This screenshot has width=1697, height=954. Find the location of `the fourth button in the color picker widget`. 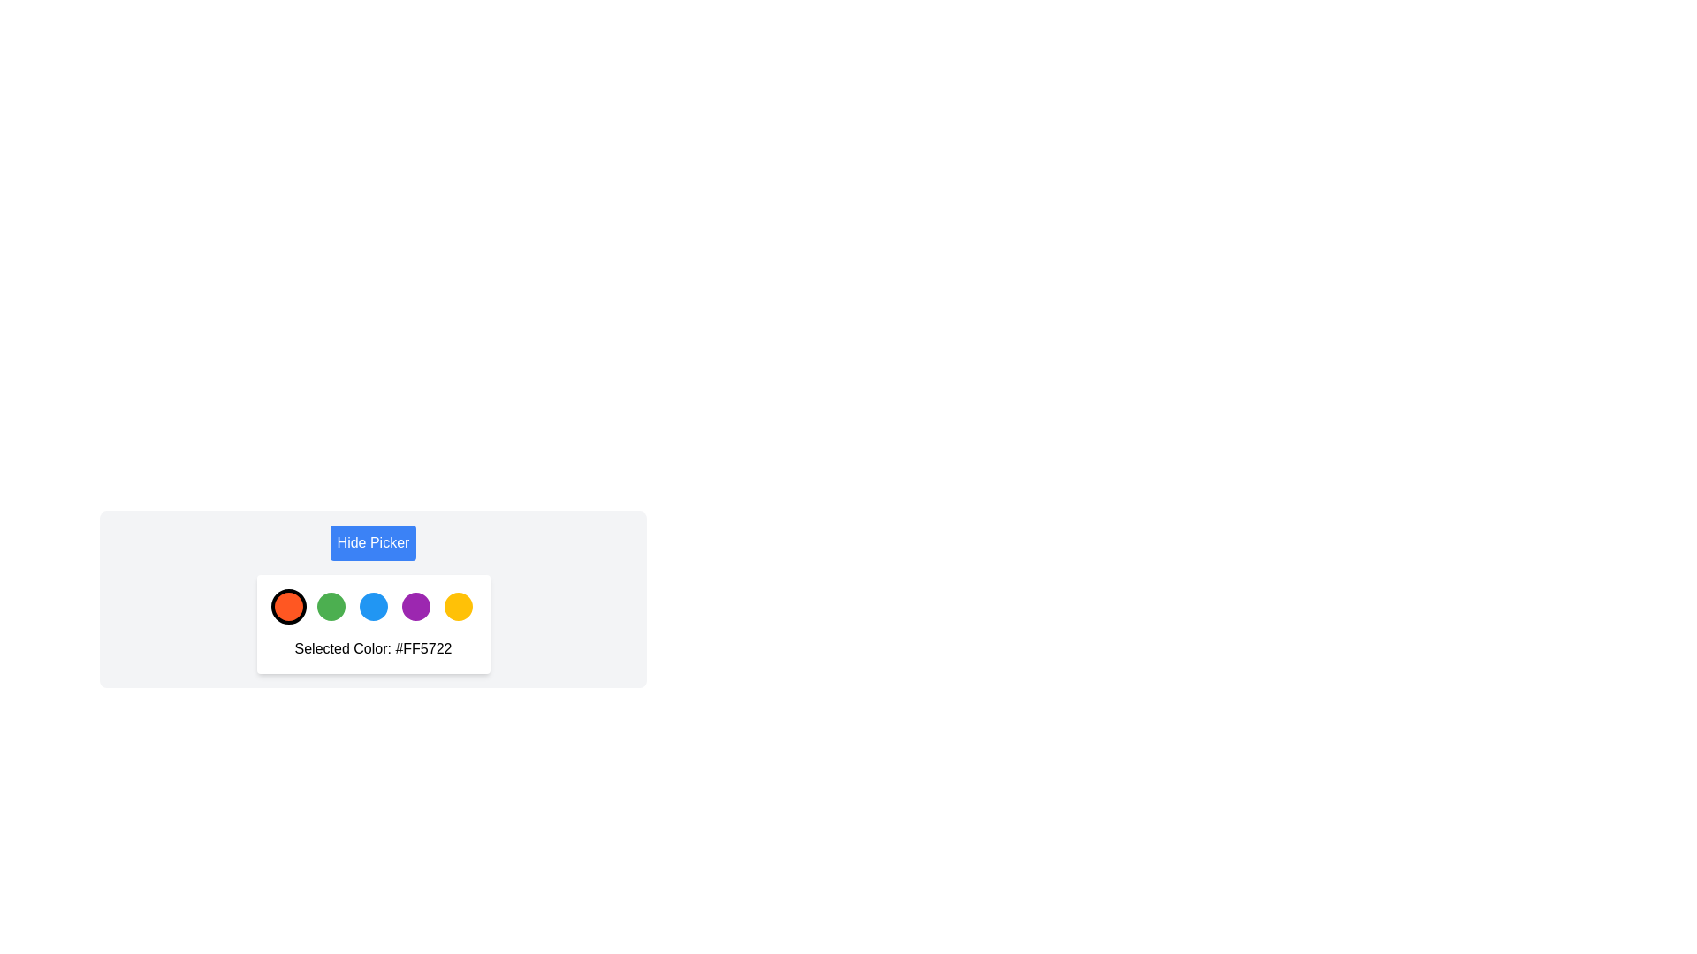

the fourth button in the color picker widget is located at coordinates (415, 605).